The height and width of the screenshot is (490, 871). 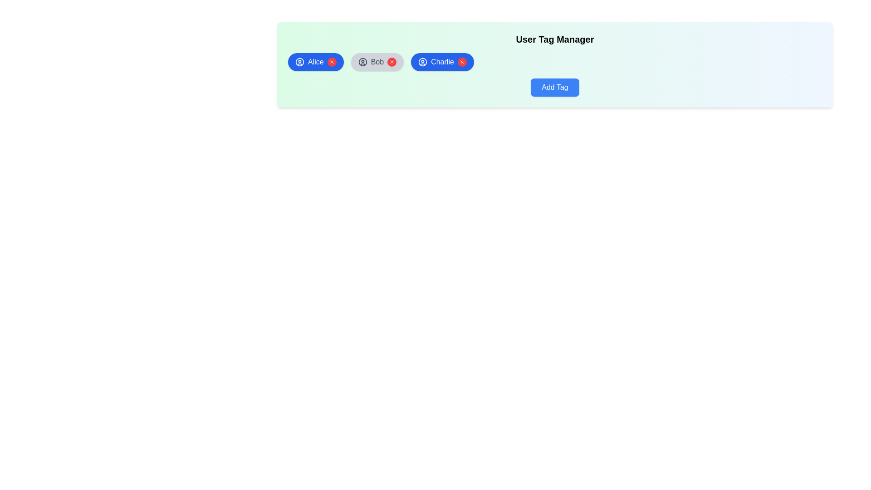 What do you see at coordinates (392, 62) in the screenshot?
I see `red 'X' button to remove the tag named Bob` at bounding box center [392, 62].